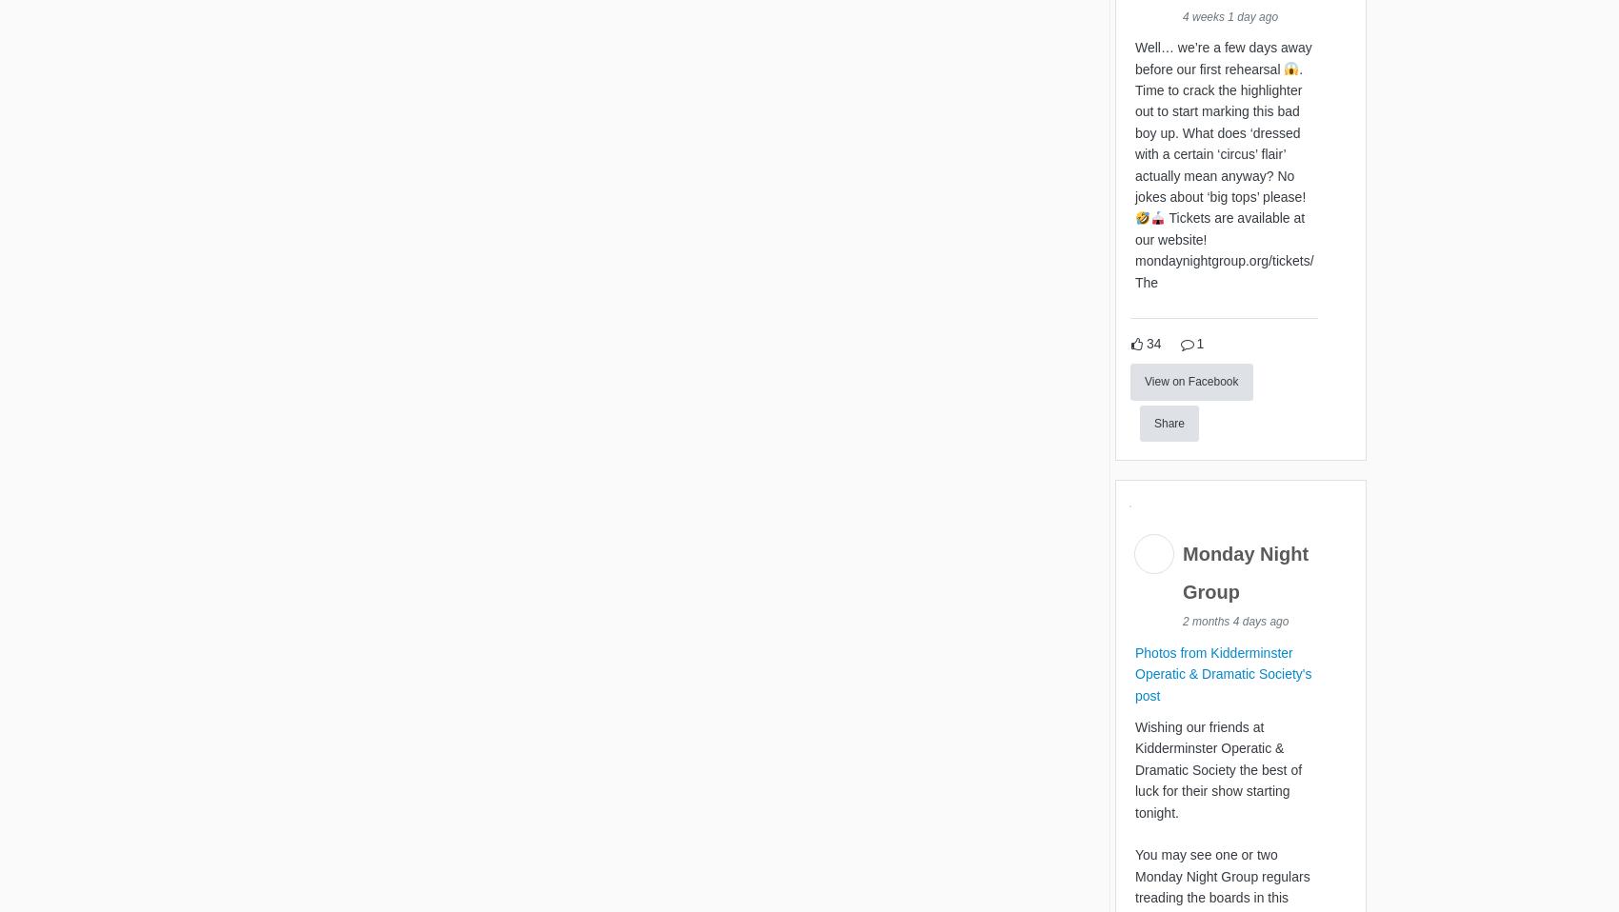  I want to click on 'Monday Night Group', so click(1245, 577).